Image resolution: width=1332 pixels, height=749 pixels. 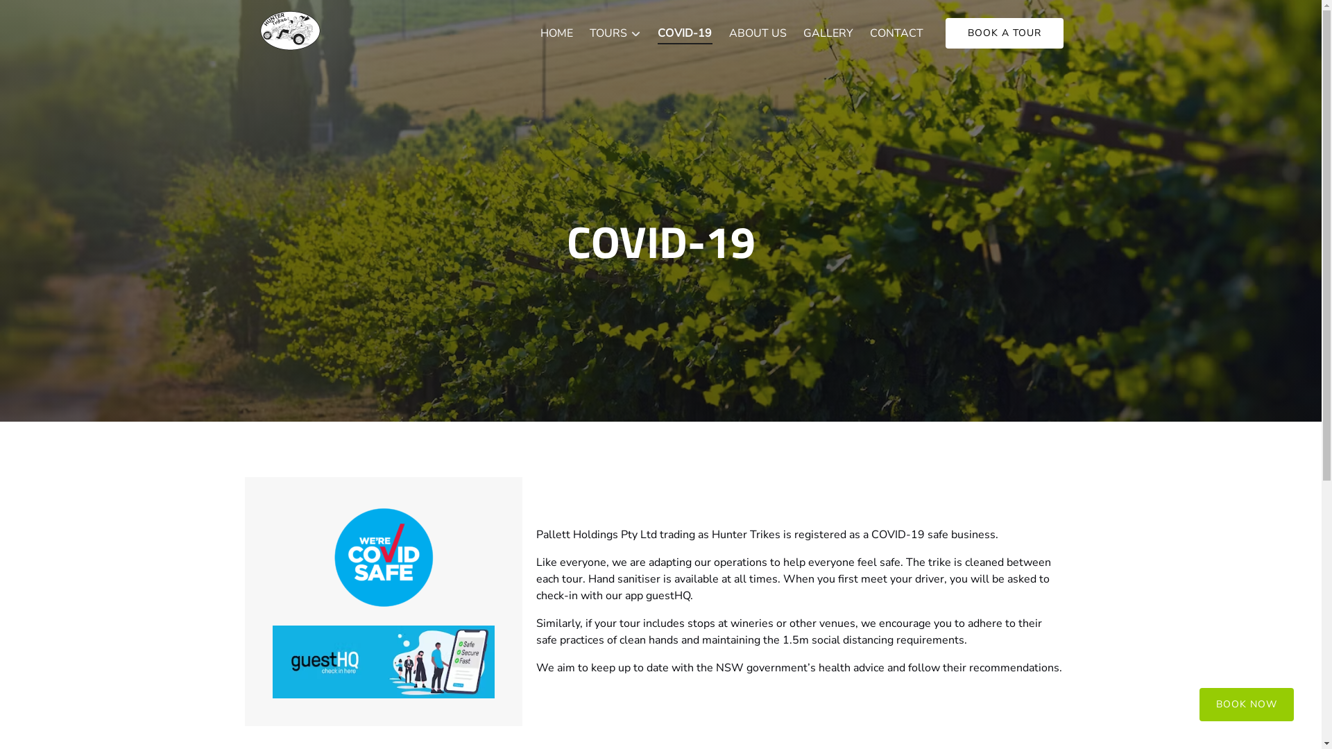 What do you see at coordinates (40, 15) in the screenshot?
I see `'Skip to footer'` at bounding box center [40, 15].